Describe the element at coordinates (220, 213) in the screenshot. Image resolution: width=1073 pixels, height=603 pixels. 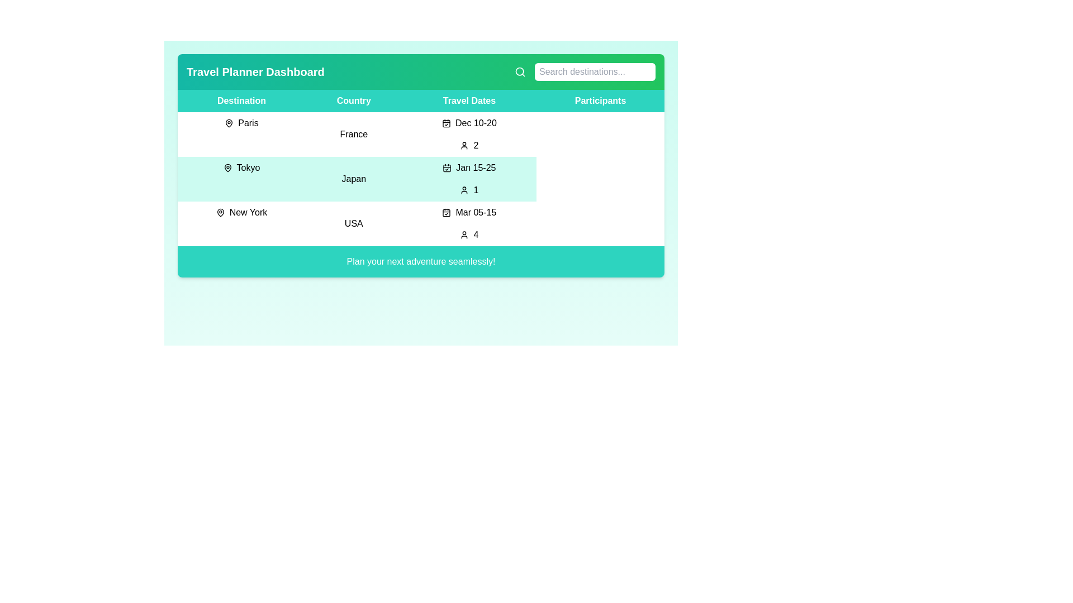
I see `the map pin icon located to the left of the 'New York' label in the 'Destination' column` at that location.